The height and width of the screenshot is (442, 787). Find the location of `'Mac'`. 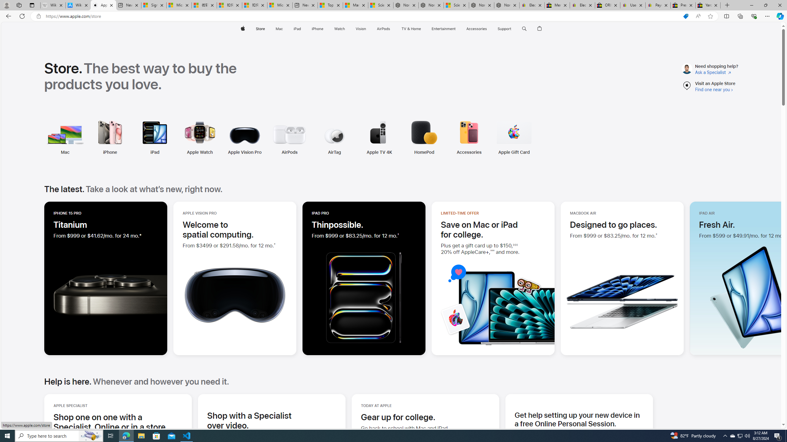

'Mac' is located at coordinates (65, 152).